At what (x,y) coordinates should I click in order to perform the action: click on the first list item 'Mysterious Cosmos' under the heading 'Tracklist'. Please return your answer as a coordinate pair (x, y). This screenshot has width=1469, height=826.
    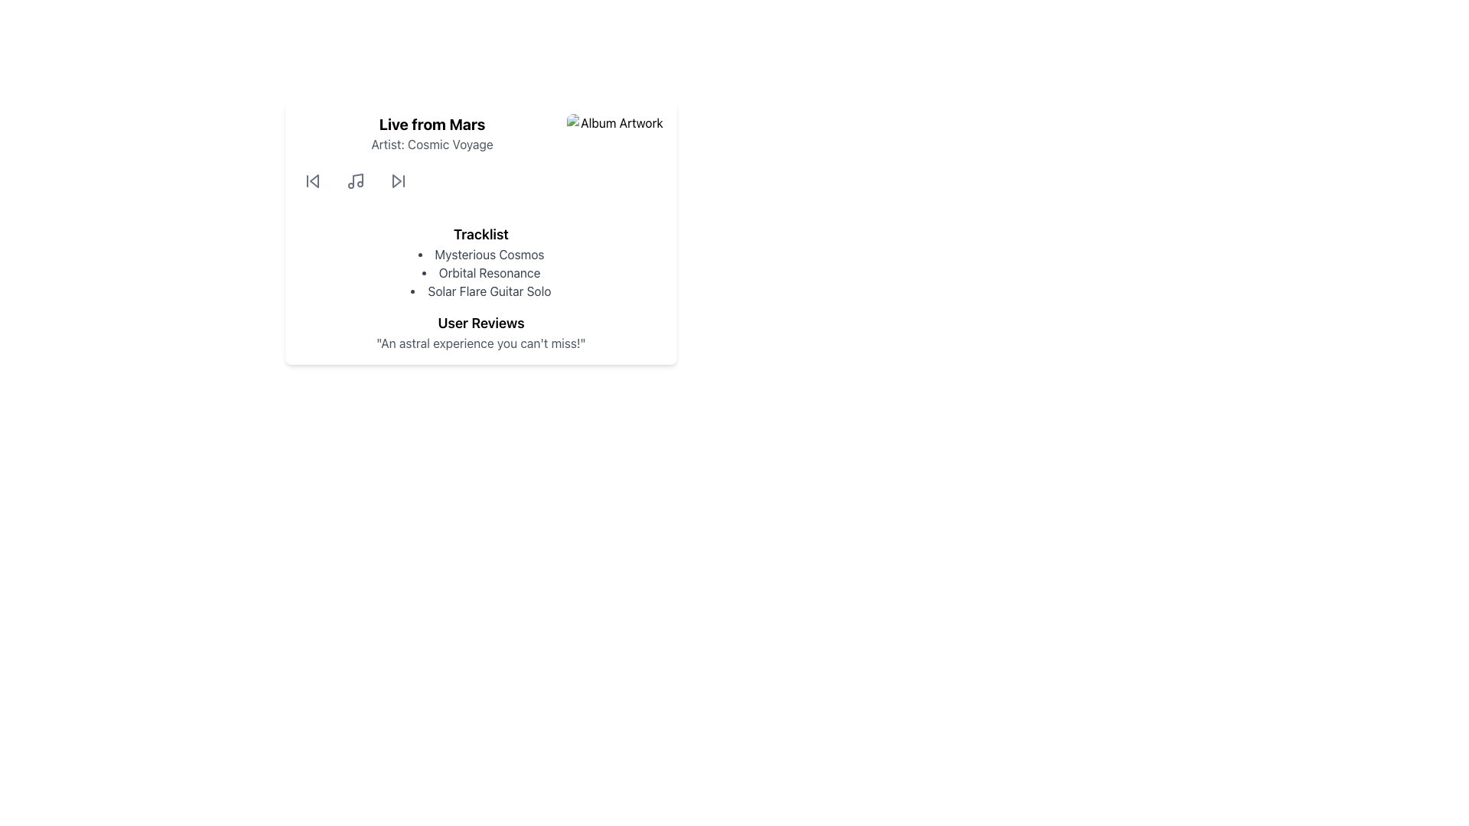
    Looking at the image, I should click on (480, 253).